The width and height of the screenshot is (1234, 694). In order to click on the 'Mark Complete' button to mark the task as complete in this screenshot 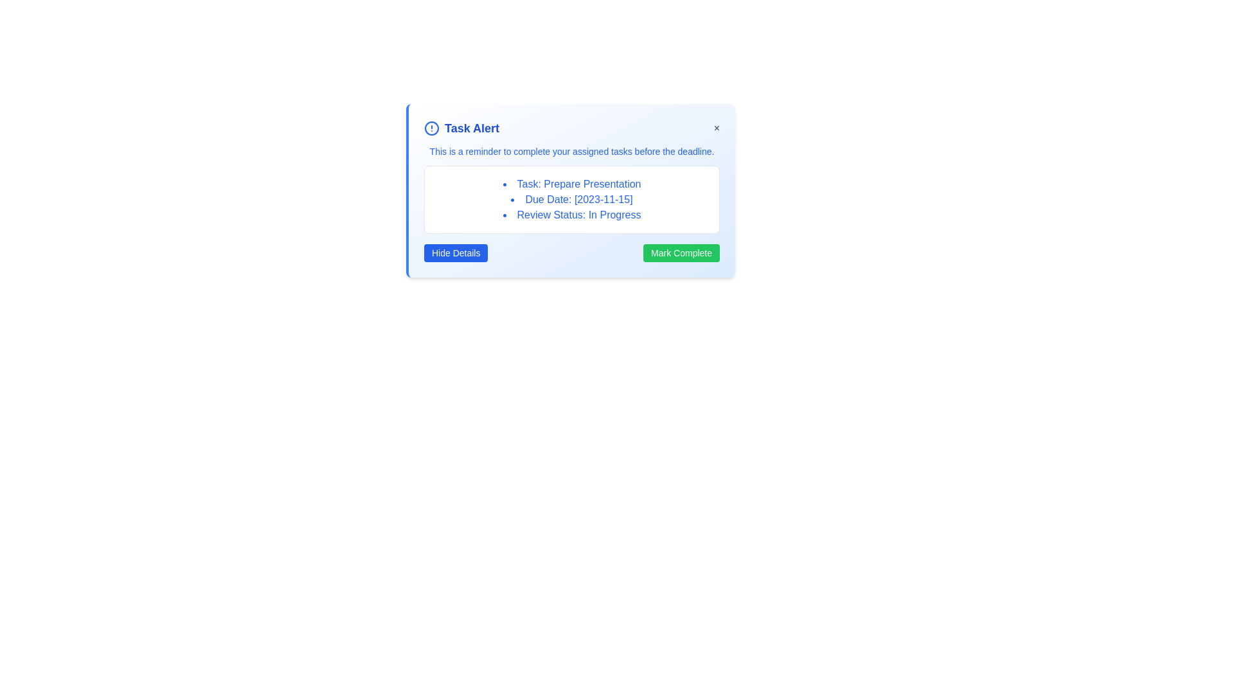, I will do `click(681, 253)`.